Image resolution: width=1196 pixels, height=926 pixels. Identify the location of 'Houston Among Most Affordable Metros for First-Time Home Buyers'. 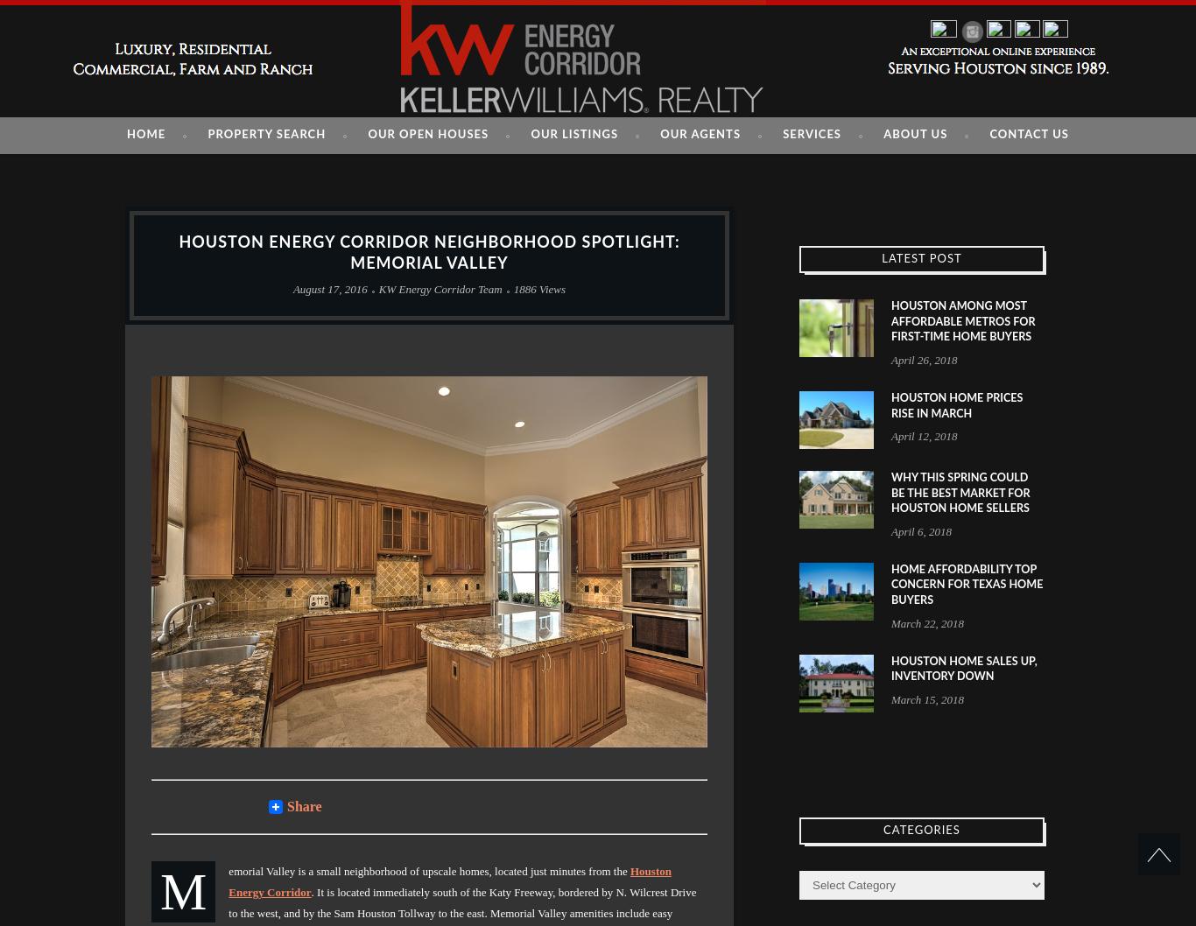
(962, 321).